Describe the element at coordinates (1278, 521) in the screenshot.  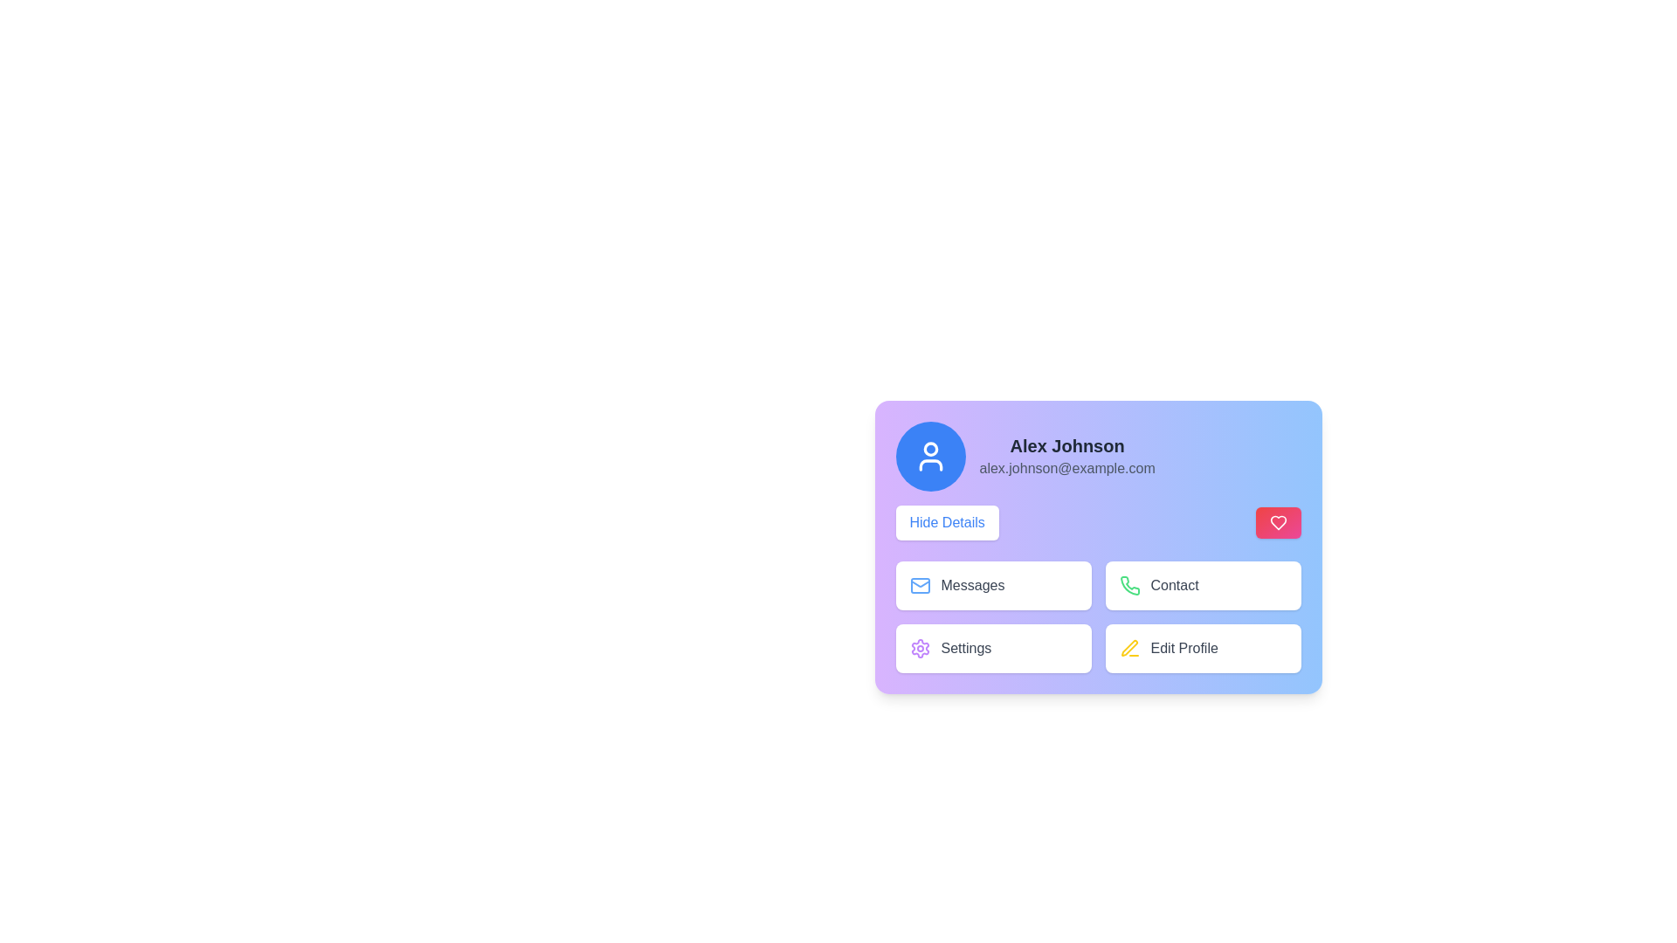
I see `the heart icon located at the top-right corner of the card layout to interact with it` at that location.